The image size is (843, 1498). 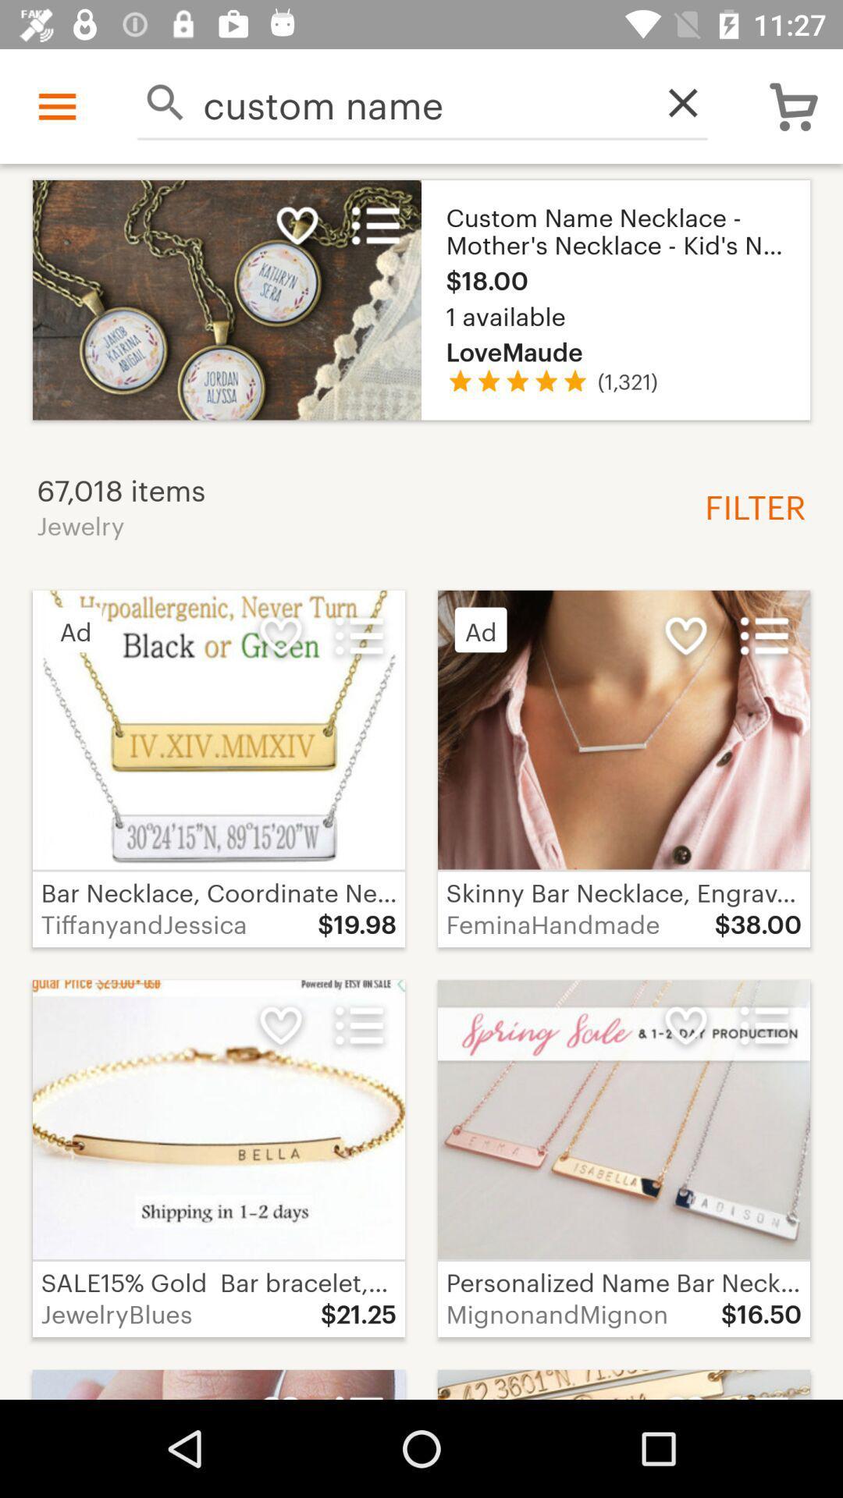 I want to click on the image which is below filter option, so click(x=623, y=769).